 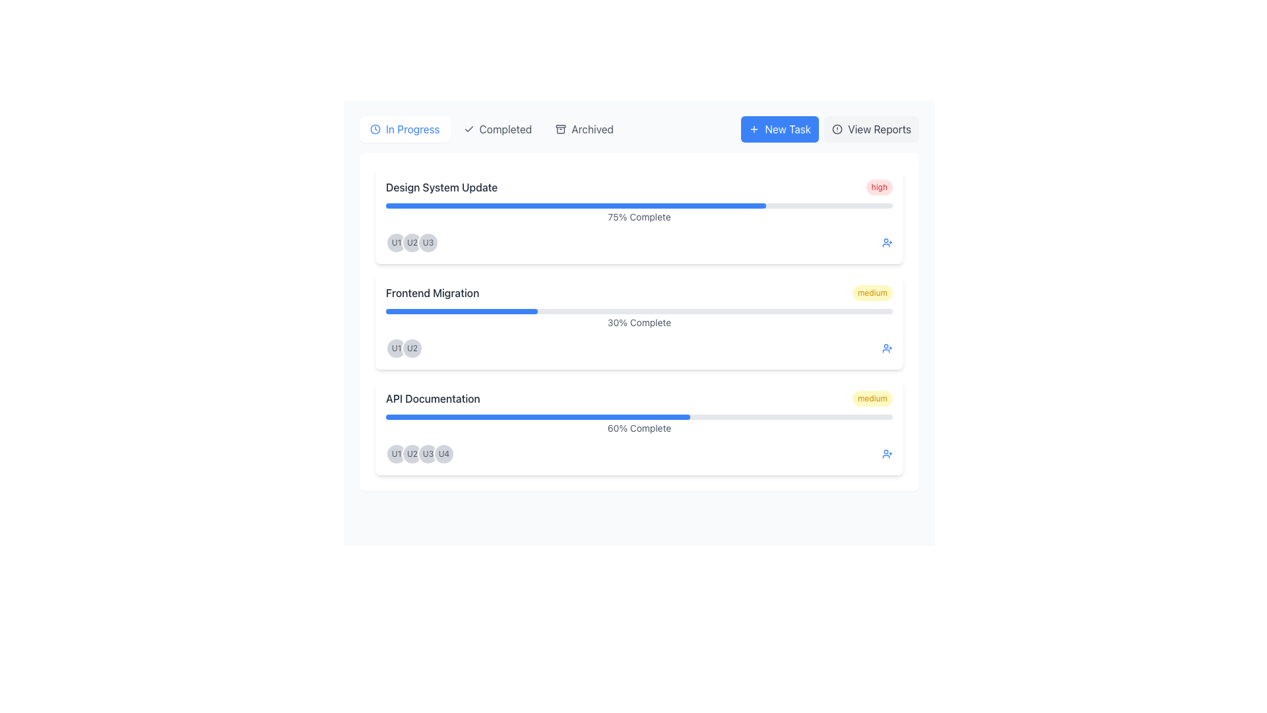 I want to click on the circular avatar labeled 'U2', which has a light gray background and white border, so click(x=411, y=453).